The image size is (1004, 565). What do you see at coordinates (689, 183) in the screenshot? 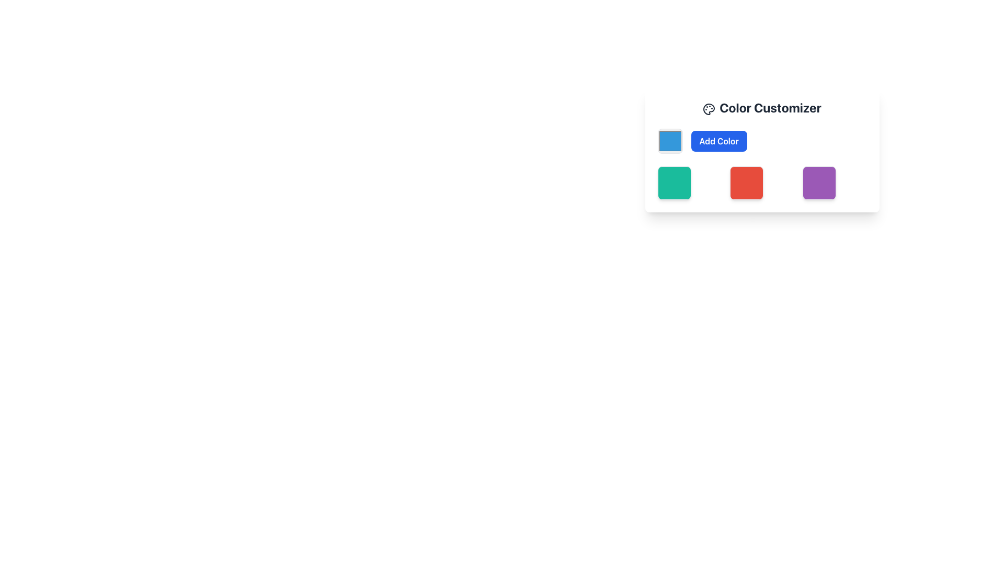
I see `the first selectable tile in the color customizer section, which has a teal background and rounded corners` at bounding box center [689, 183].